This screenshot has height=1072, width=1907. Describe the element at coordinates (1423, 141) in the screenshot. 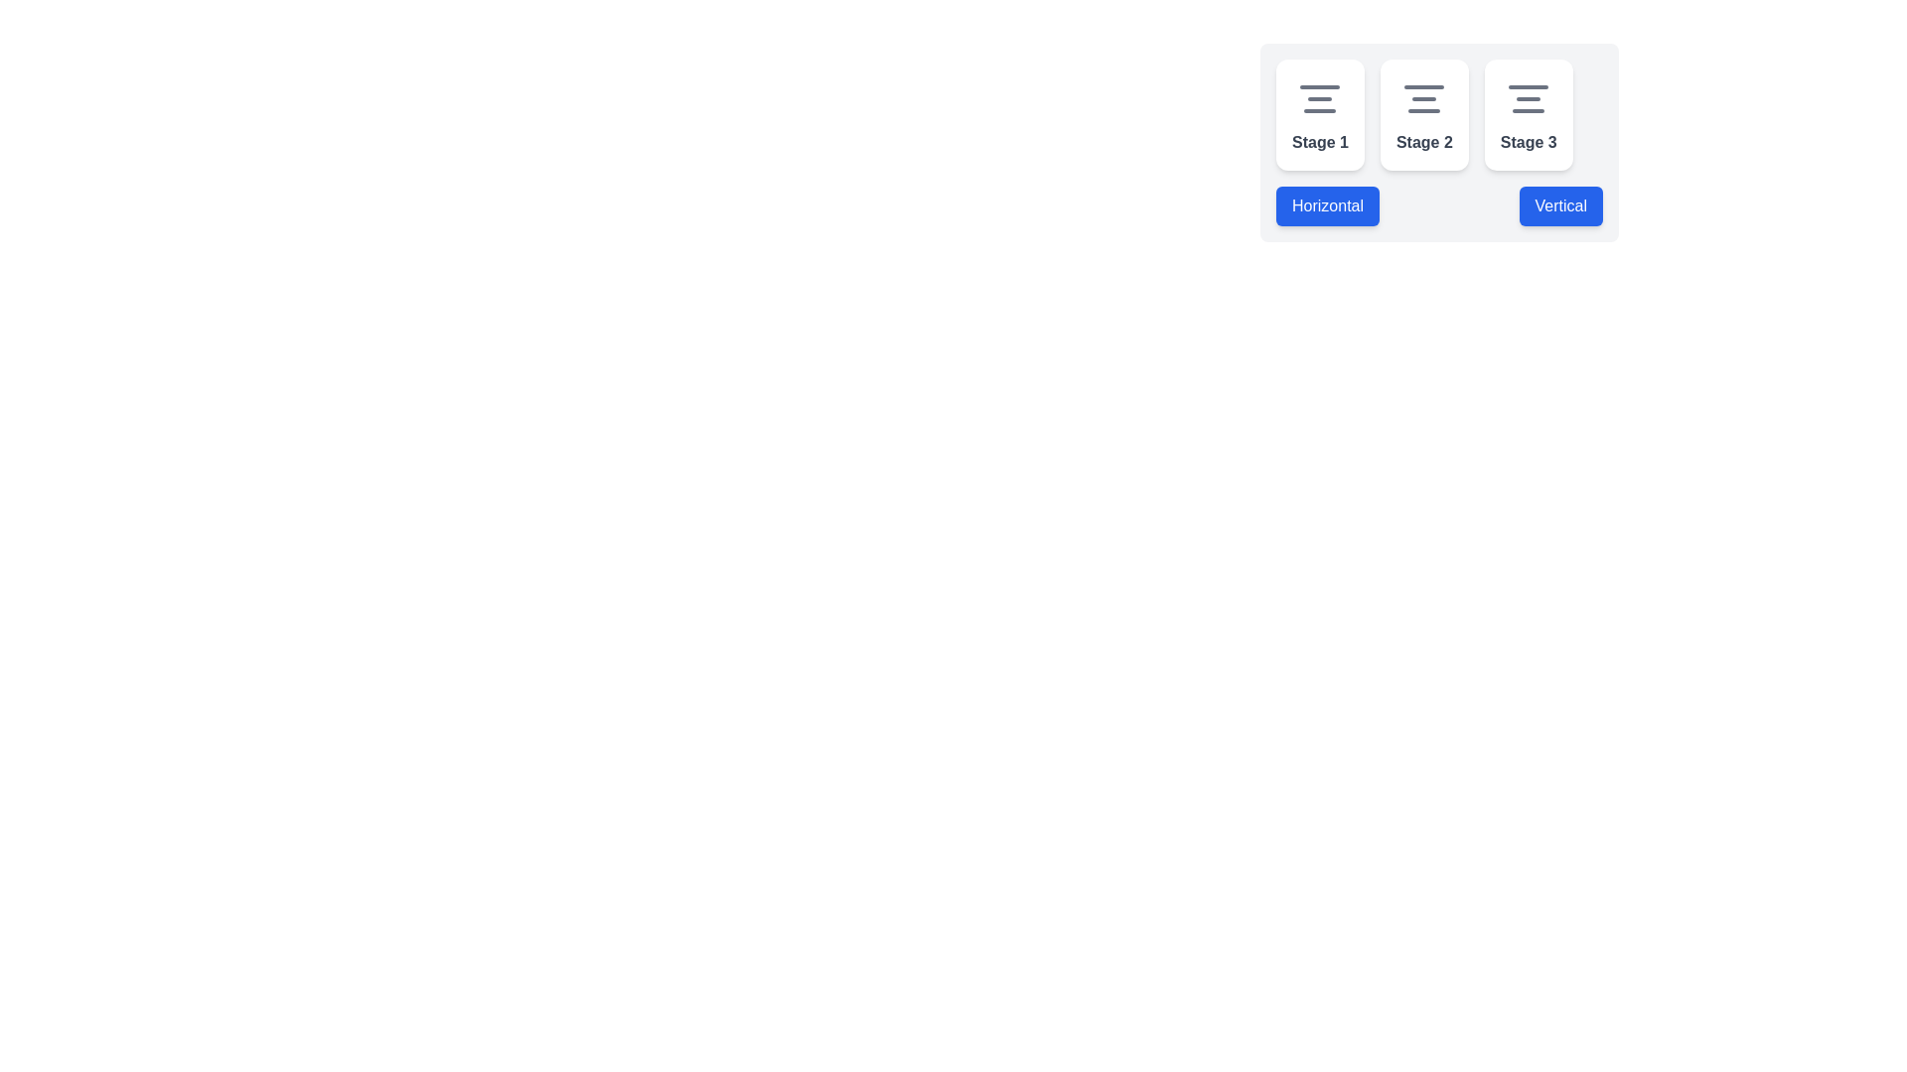

I see `text from the 'Stage 2' Text Label located in the second card of a sequence of three cards` at that location.